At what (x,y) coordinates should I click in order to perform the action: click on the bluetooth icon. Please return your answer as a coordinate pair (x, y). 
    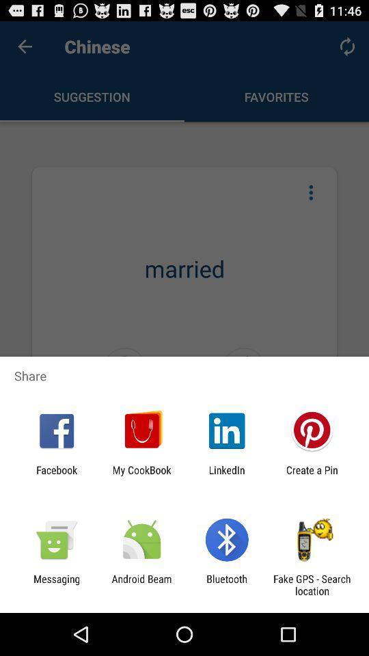
    Looking at the image, I should click on (227, 584).